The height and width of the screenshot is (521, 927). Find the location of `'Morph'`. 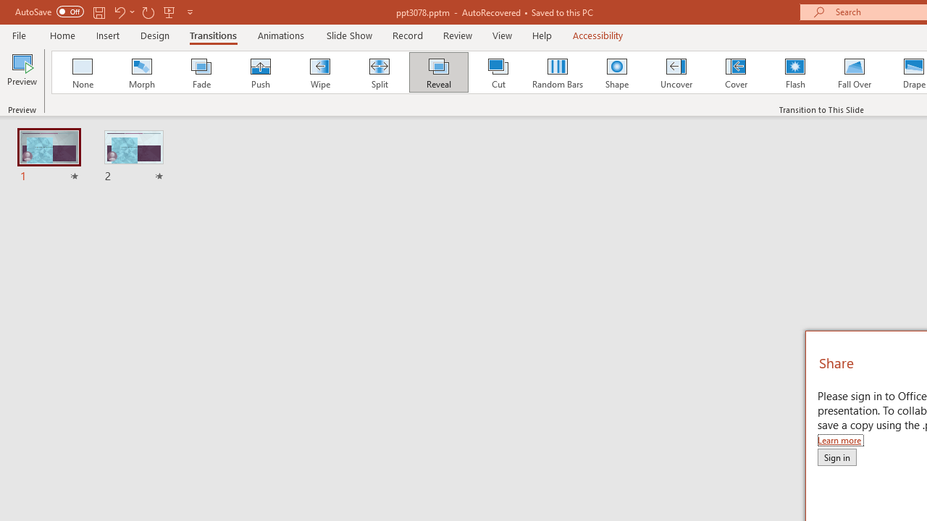

'Morph' is located at coordinates (141, 72).